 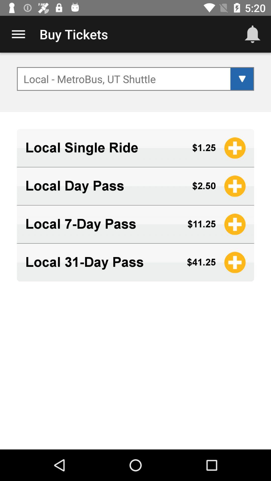 What do you see at coordinates (204, 186) in the screenshot?
I see `item below the $1.25 app` at bounding box center [204, 186].